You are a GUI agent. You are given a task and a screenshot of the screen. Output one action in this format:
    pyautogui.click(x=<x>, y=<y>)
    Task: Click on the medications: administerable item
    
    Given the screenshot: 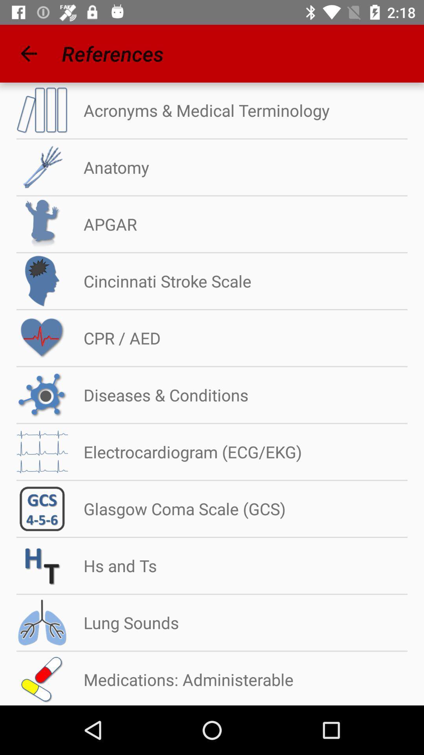 What is the action you would take?
    pyautogui.click(x=181, y=679)
    